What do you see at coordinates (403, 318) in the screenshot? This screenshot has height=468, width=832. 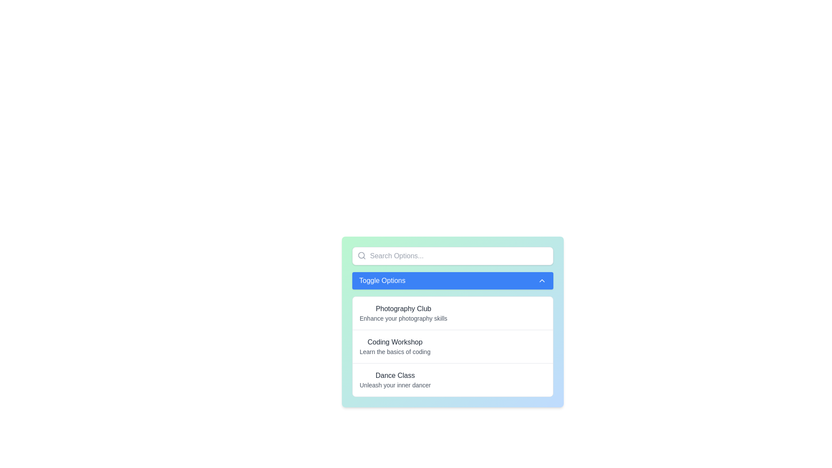 I see `the descriptive text element located directly below the 'Photography Club' heading, which provides additional information about the entry` at bounding box center [403, 318].